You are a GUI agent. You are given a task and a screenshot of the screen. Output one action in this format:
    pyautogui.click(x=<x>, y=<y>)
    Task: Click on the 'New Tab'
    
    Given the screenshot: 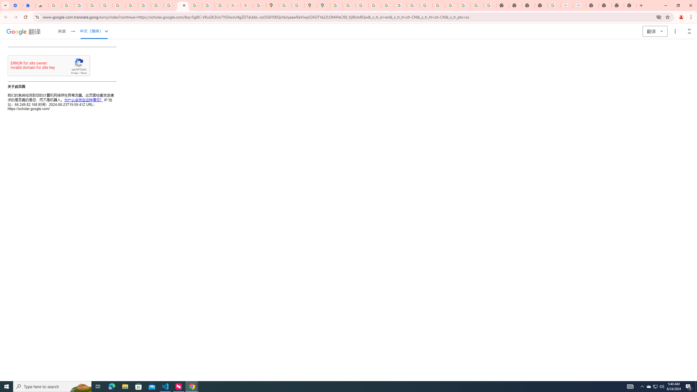 What is the action you would take?
    pyautogui.click(x=630, y=5)
    